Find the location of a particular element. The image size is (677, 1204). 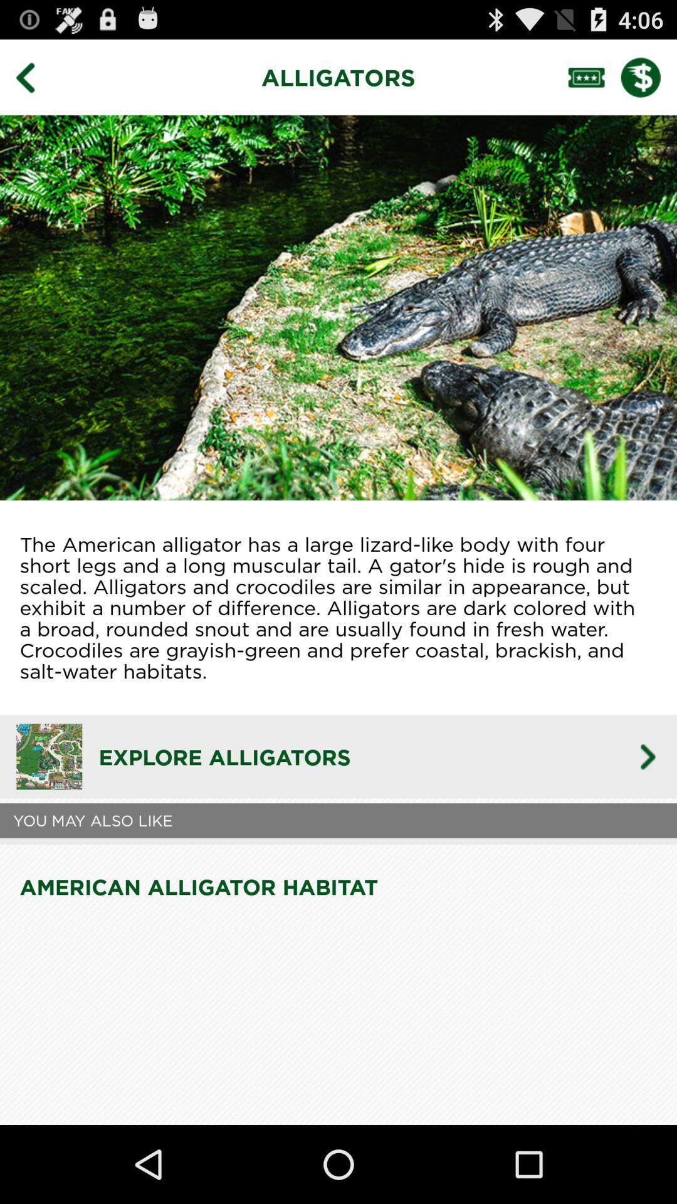

item to the left of the alligators app is located at coordinates (34, 77).